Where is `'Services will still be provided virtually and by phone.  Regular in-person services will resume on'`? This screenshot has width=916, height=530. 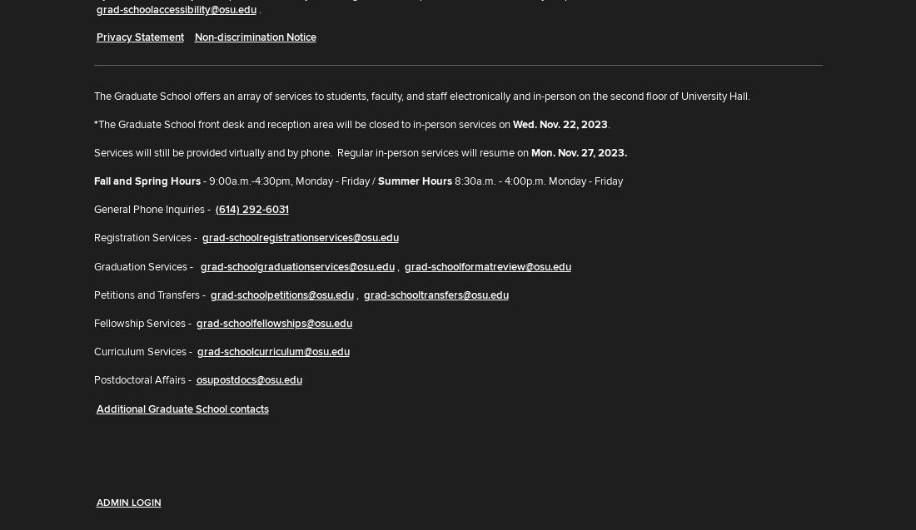
'Services will still be provided virtually and by phone.  Regular in-person services will resume on' is located at coordinates (311, 152).